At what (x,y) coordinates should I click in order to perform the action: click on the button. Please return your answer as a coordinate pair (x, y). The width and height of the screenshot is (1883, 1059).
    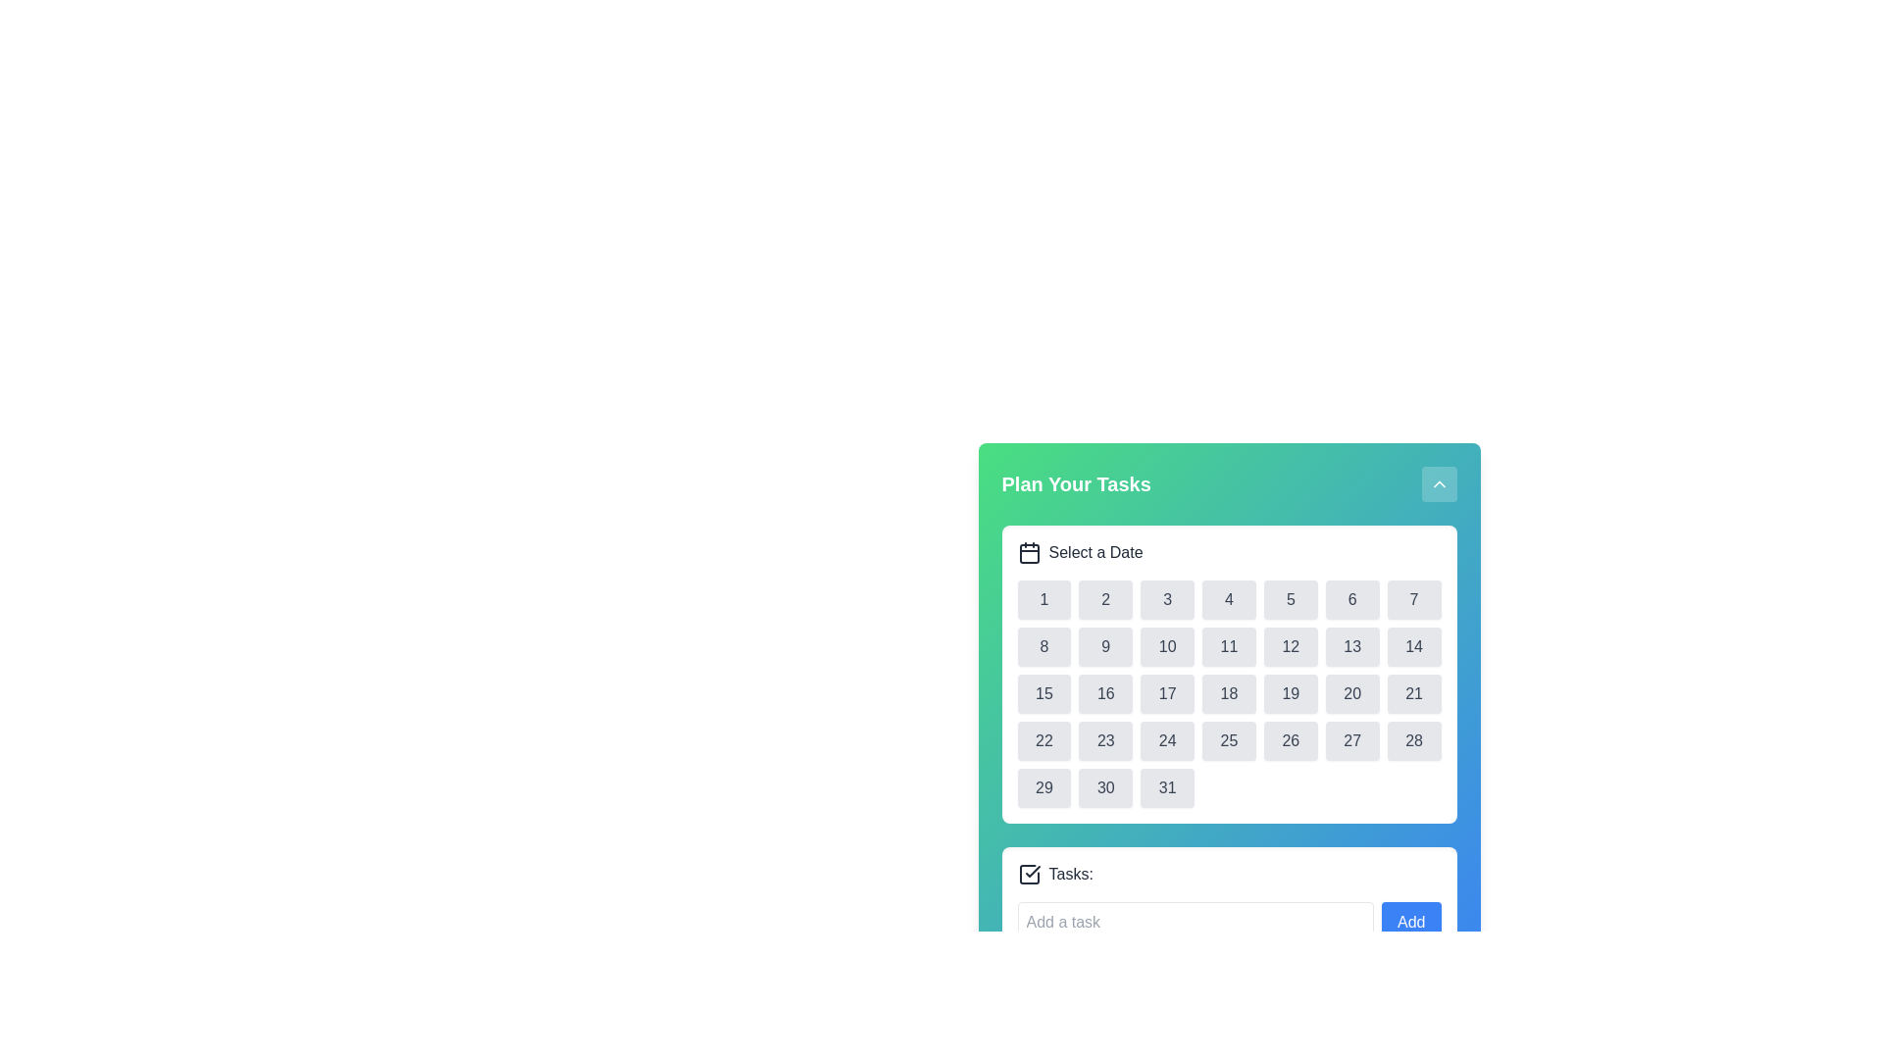
    Looking at the image, I should click on (1350, 741).